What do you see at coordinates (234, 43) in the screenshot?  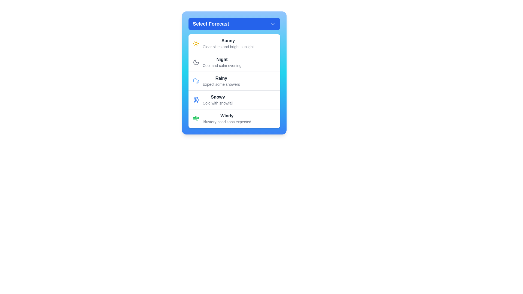 I see `the first list item in the dropdown menu titled 'Select Forecast' with the heading 'Sunny' for keyboard interaction` at bounding box center [234, 43].